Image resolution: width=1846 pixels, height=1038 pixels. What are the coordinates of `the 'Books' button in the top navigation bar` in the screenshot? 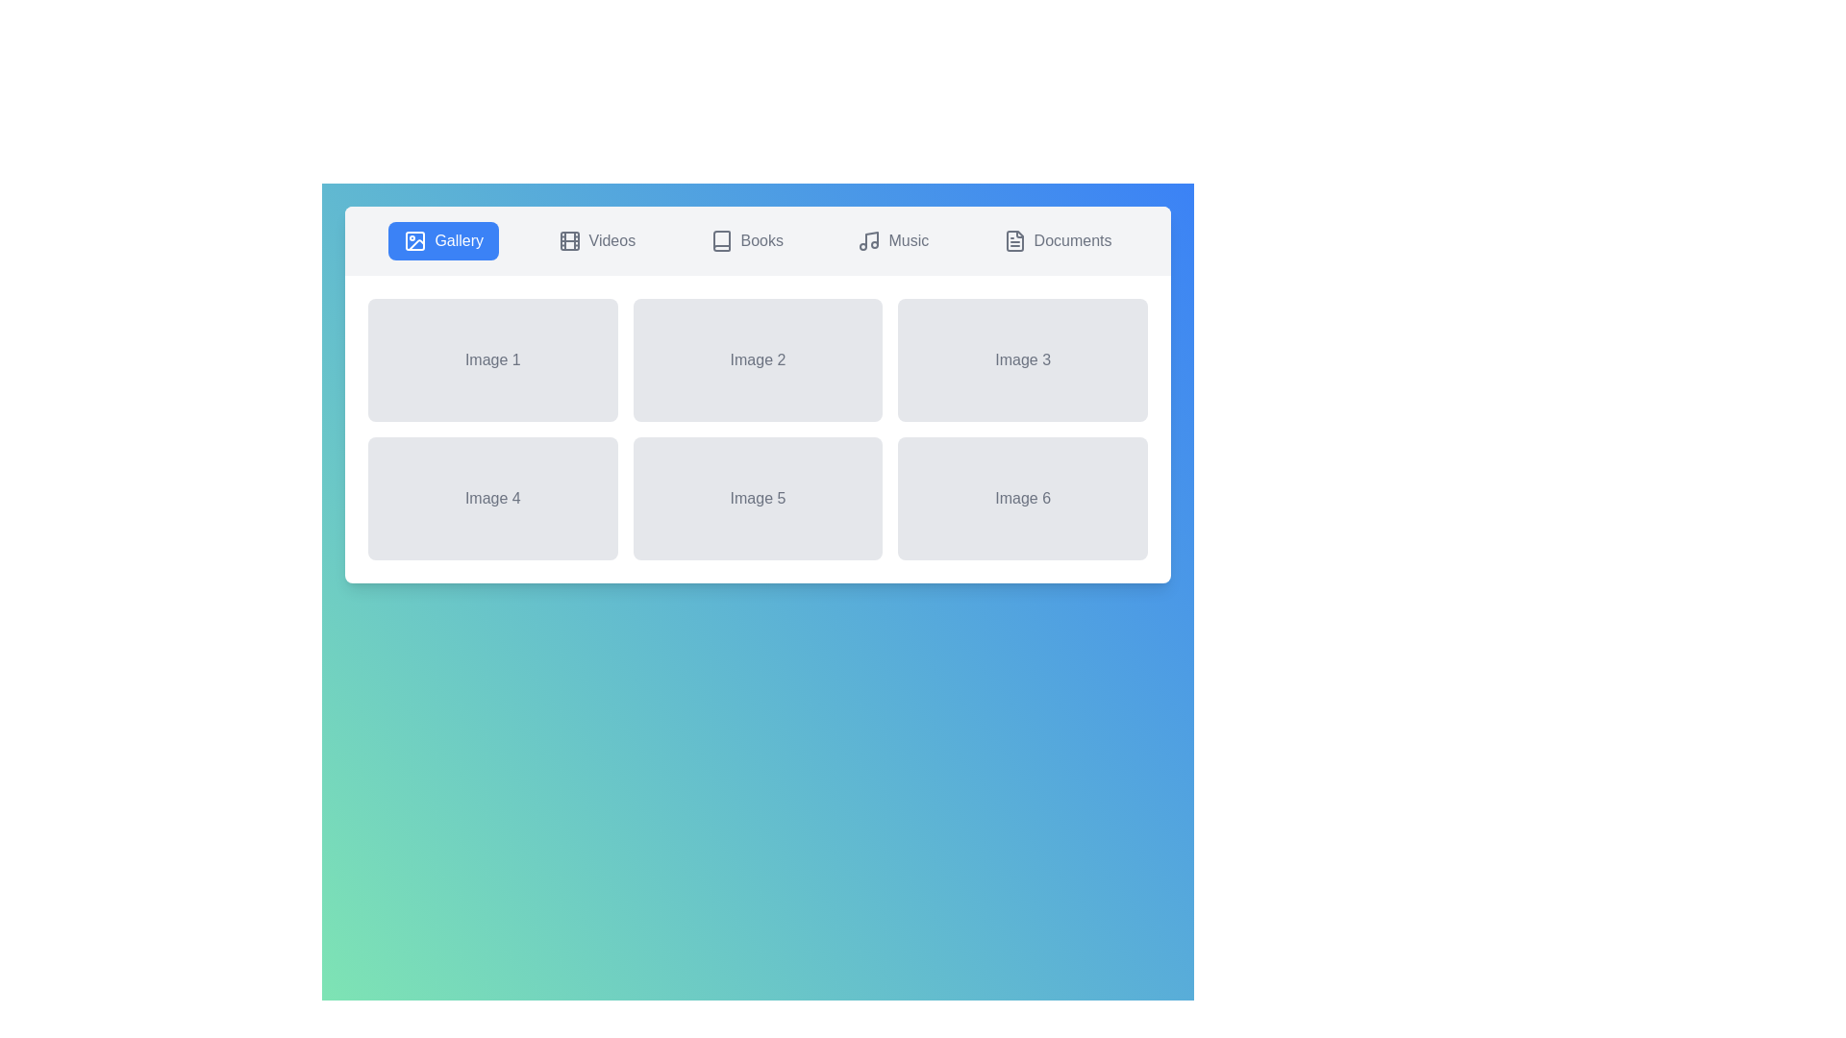 It's located at (720, 239).